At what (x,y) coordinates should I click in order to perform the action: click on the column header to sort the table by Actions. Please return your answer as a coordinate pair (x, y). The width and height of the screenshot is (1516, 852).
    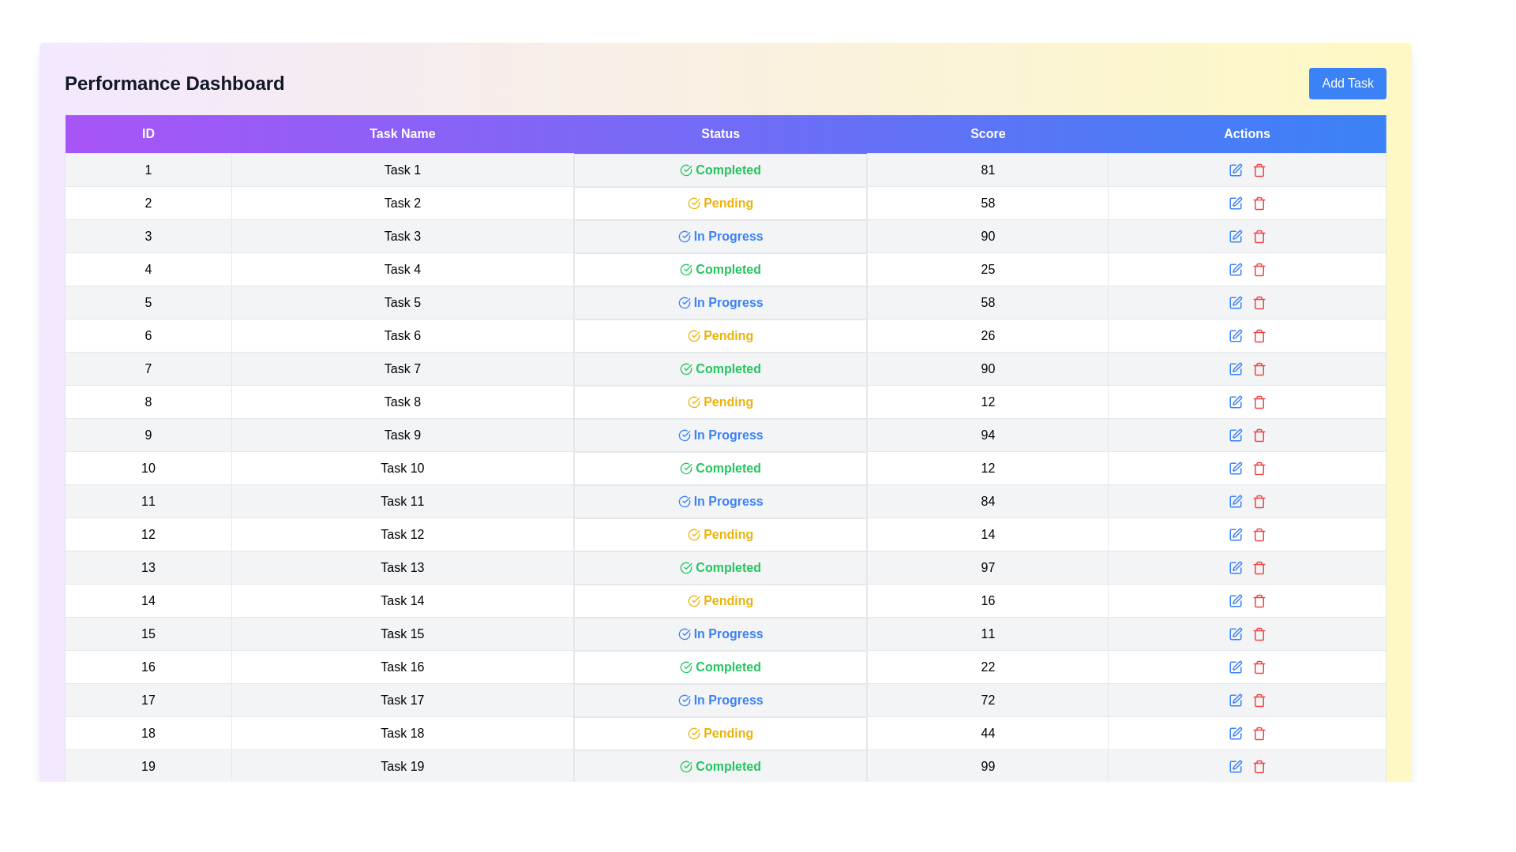
    Looking at the image, I should click on (1246, 133).